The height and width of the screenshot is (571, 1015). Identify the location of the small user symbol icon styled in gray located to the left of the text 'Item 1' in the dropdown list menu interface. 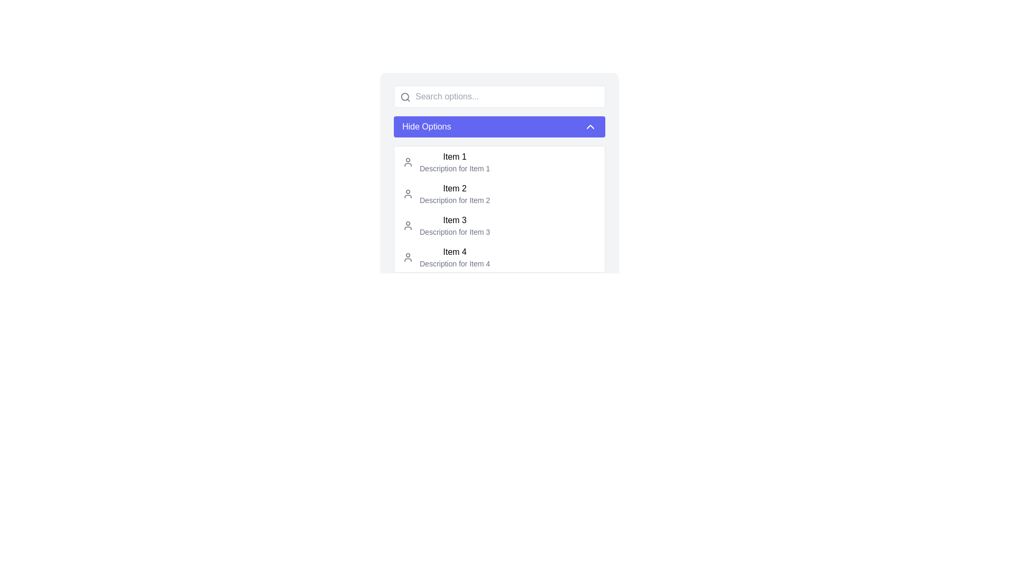
(408, 162).